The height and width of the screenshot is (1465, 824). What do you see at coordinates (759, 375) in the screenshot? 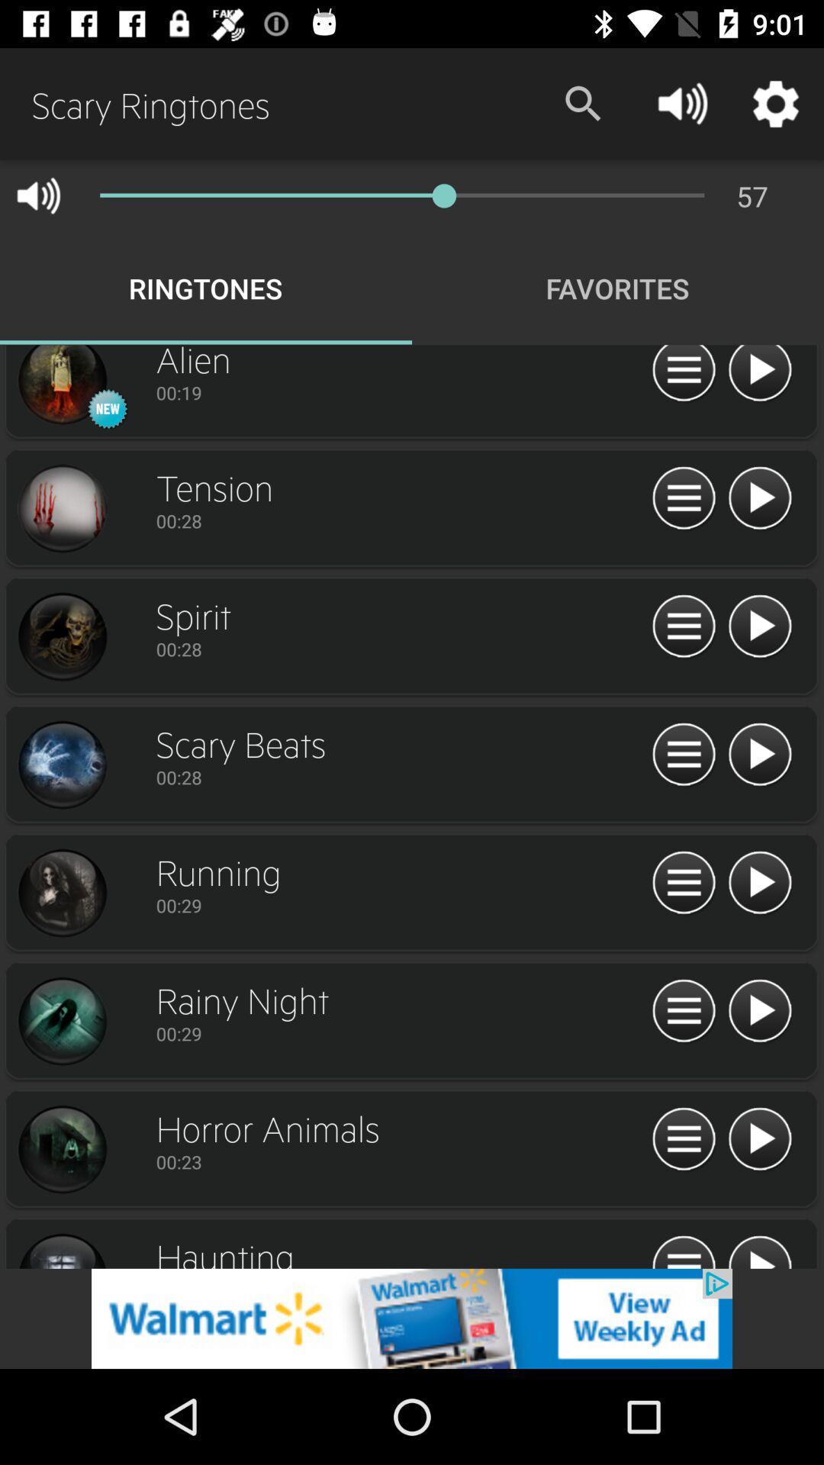
I see `play` at bounding box center [759, 375].